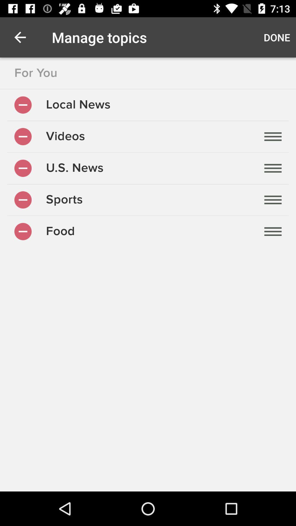 The height and width of the screenshot is (526, 296). I want to click on on/off for the food topic, so click(23, 231).